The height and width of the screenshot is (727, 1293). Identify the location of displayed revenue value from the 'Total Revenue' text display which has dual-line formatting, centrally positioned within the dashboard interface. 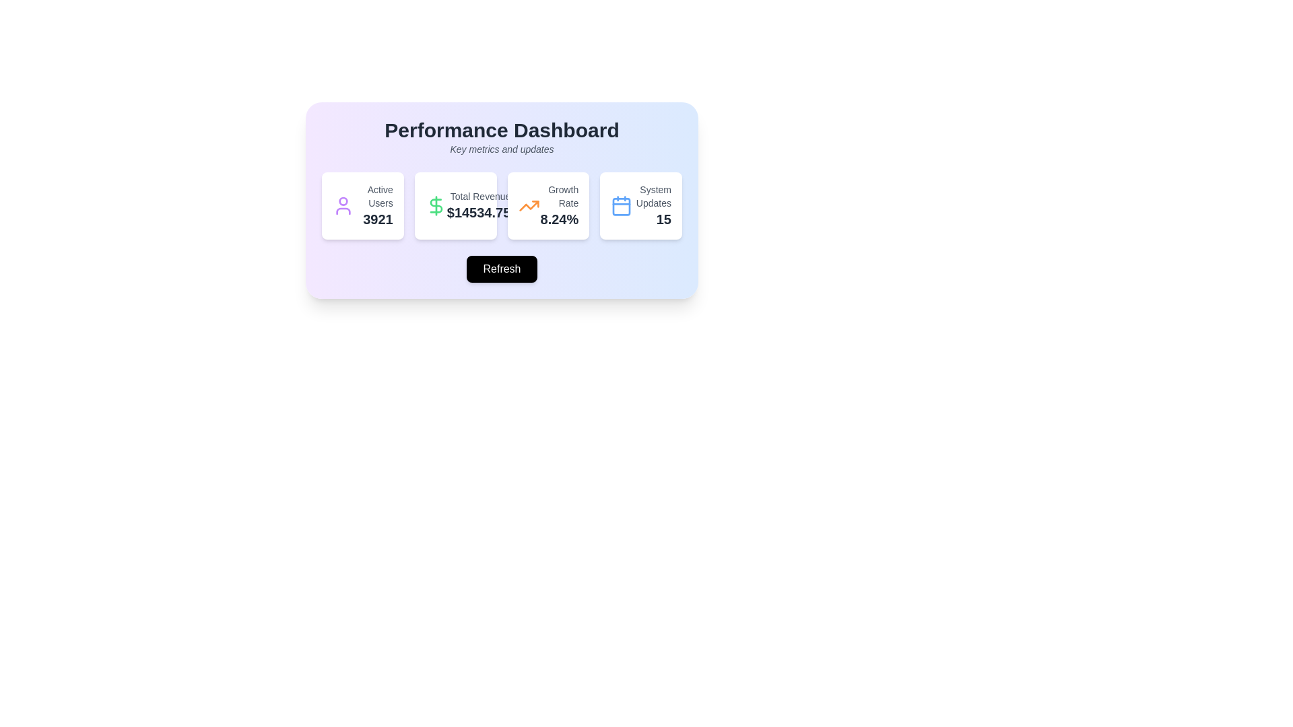
(478, 205).